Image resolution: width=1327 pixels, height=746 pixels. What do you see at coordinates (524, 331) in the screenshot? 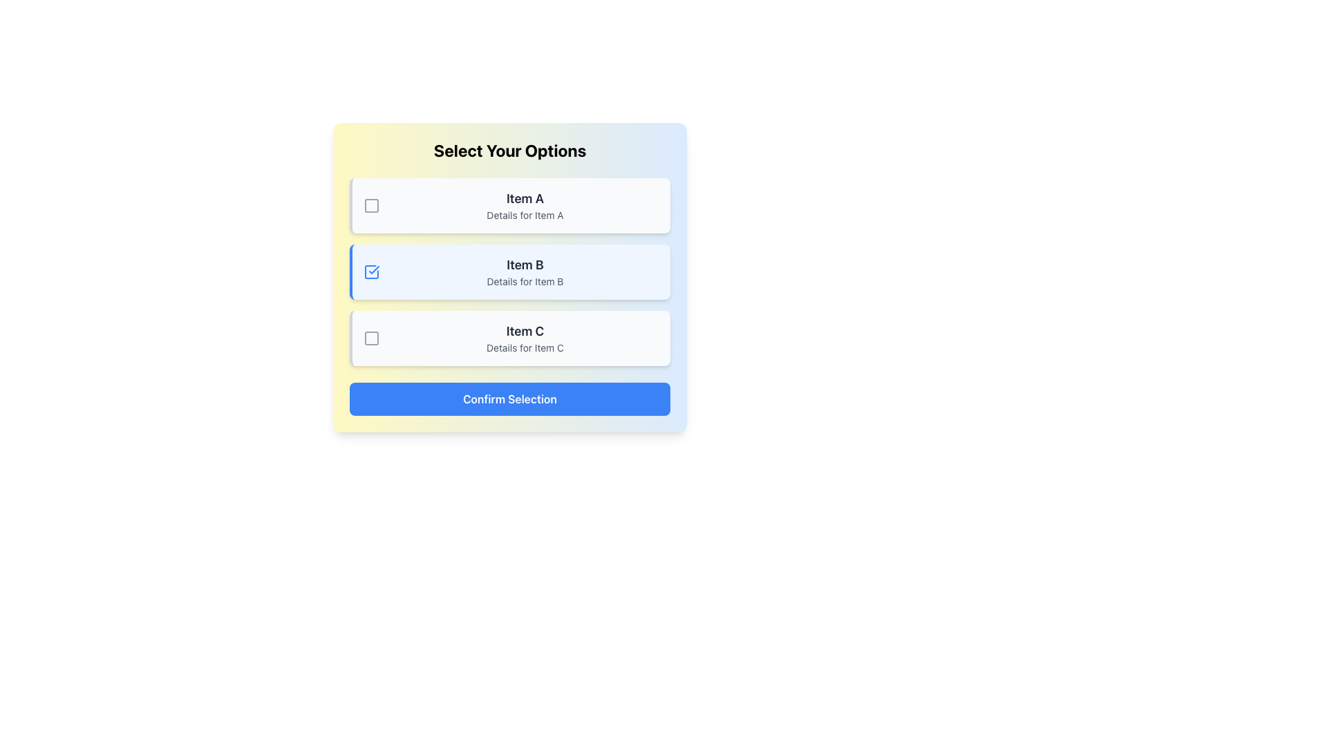
I see `the text element labeled 'Item C', which is styled in a bold, larger font and located as the heading of the third option block under 'Select Your Options'` at bounding box center [524, 331].